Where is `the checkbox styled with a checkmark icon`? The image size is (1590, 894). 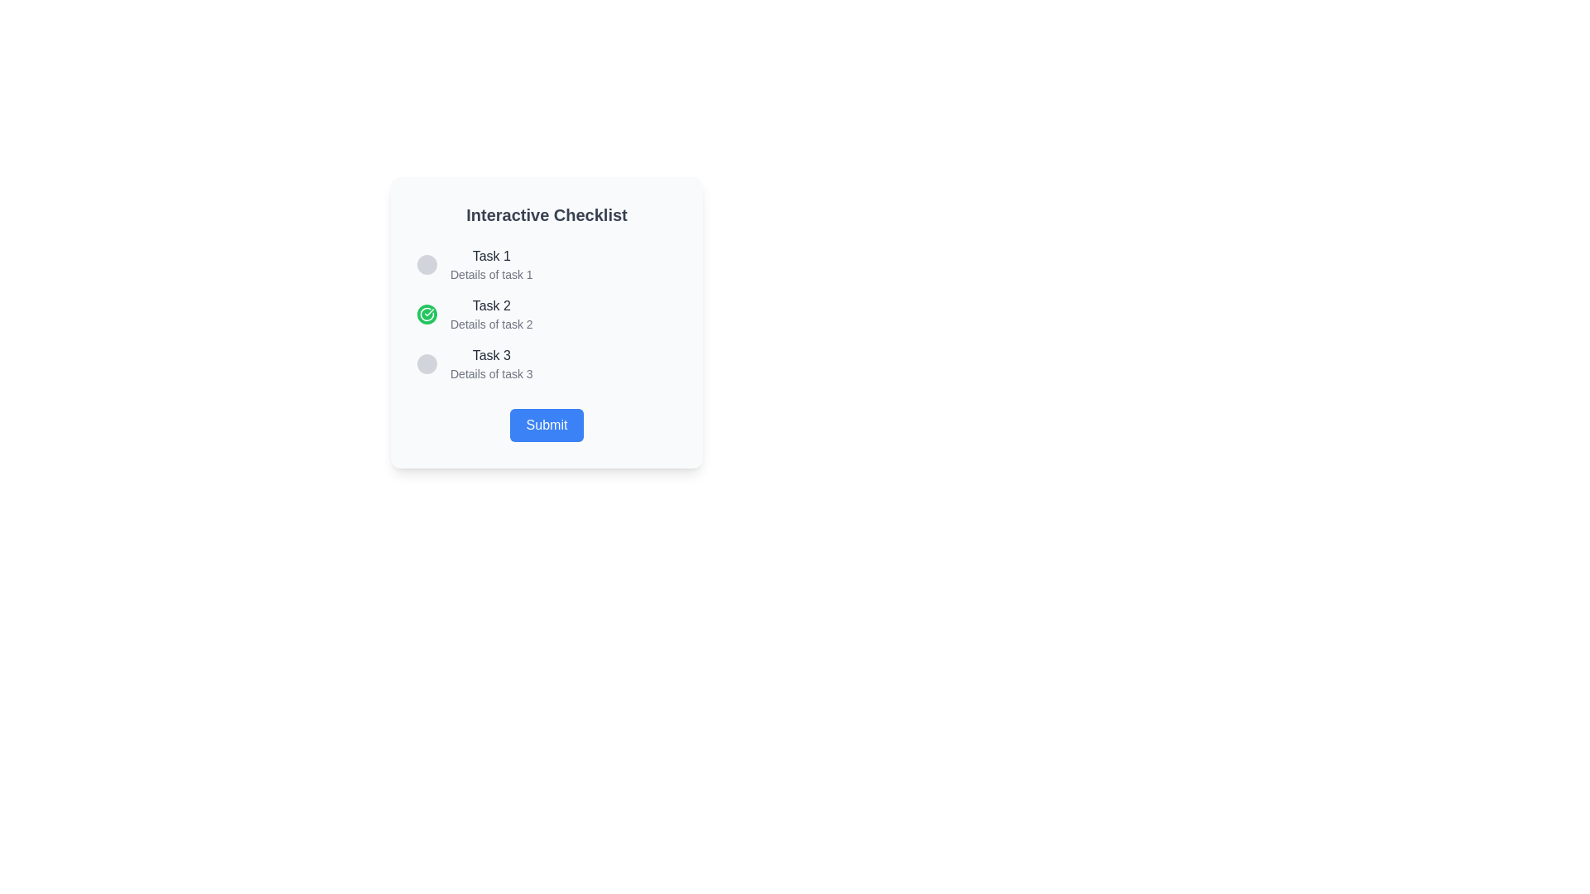
the checkbox styled with a checkmark icon is located at coordinates (426, 315).